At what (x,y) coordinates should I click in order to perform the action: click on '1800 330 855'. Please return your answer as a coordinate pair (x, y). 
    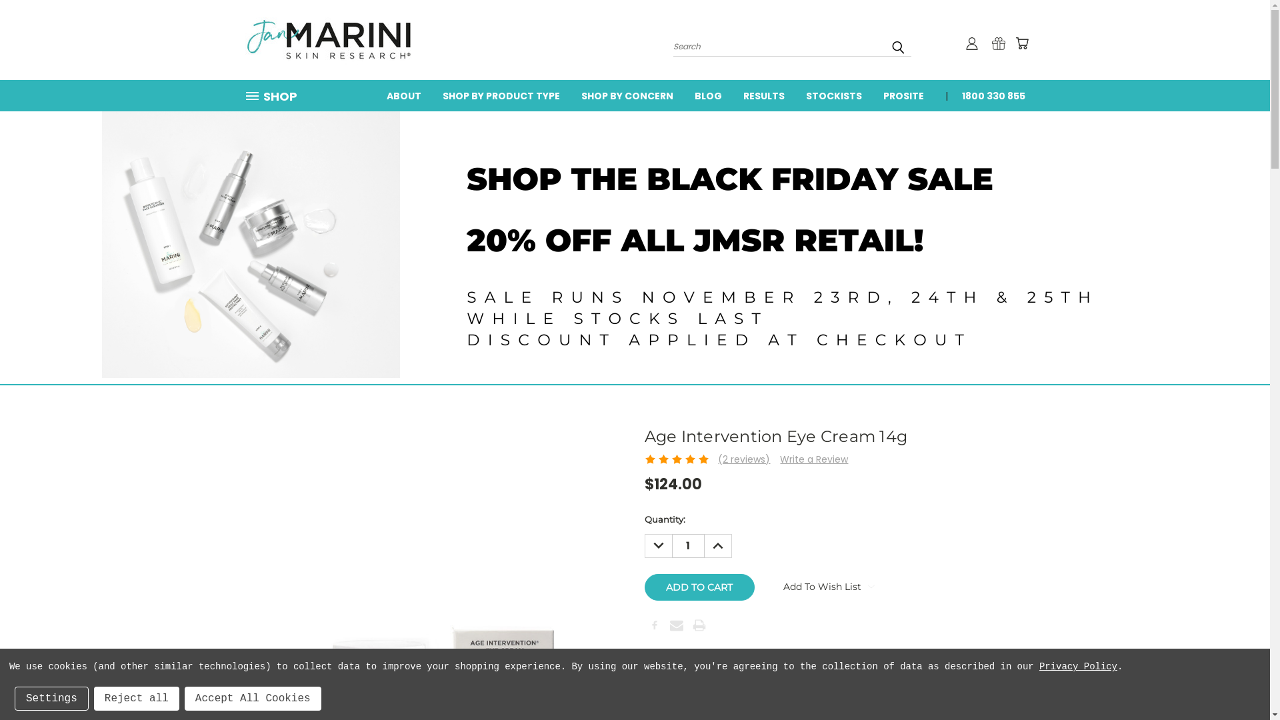
    Looking at the image, I should click on (987, 94).